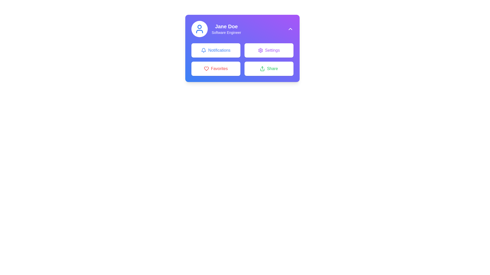 Image resolution: width=490 pixels, height=275 pixels. I want to click on the 'Favorites' button located in the bottom-left corner of the grid layout, so click(216, 69).